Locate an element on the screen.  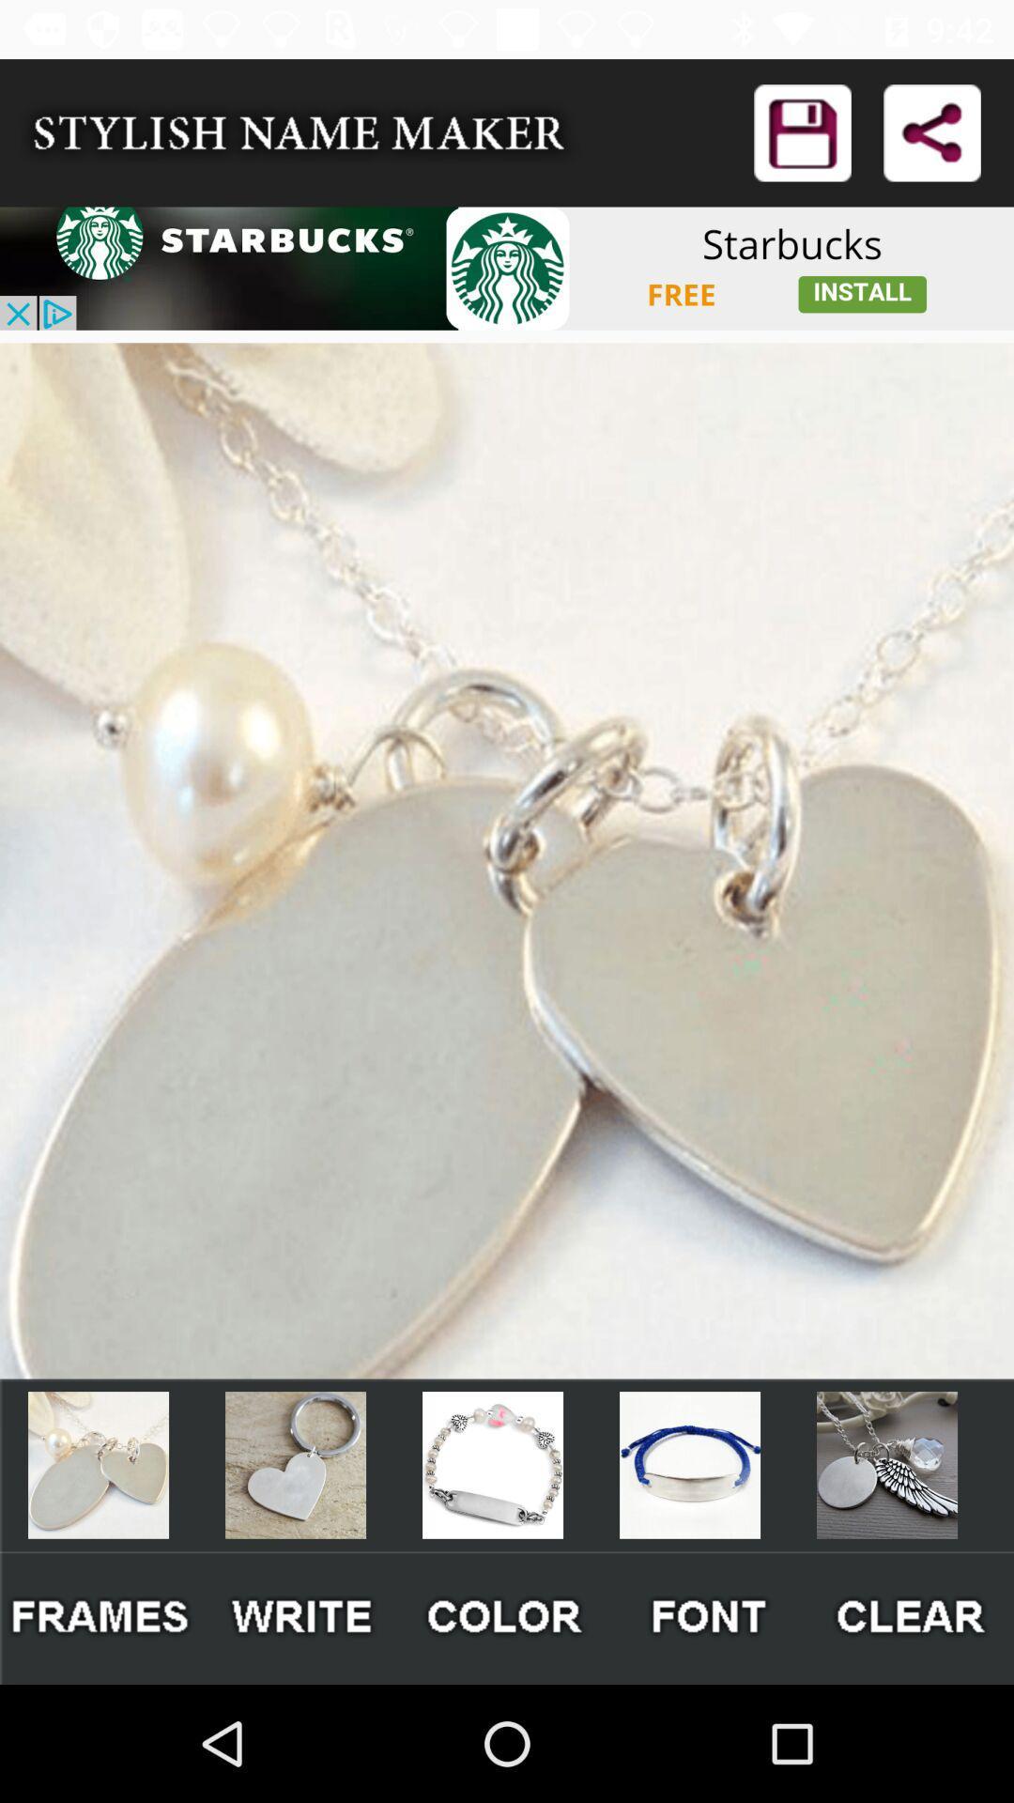
the share icon is located at coordinates (931, 131).